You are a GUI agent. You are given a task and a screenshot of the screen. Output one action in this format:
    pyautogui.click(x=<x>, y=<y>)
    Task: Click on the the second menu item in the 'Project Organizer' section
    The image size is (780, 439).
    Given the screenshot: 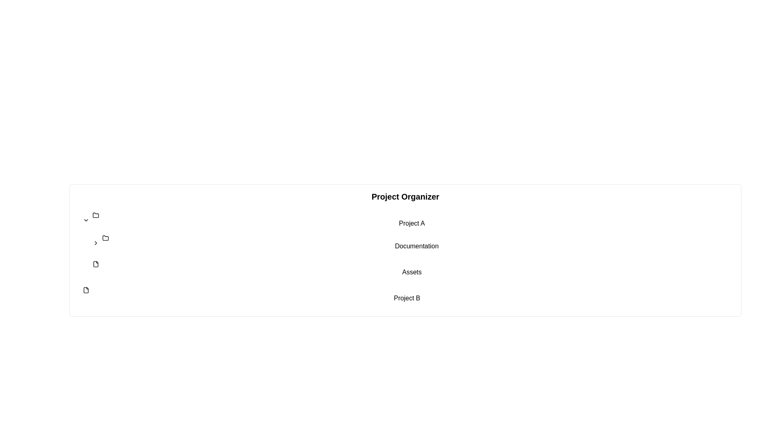 What is the action you would take?
    pyautogui.click(x=417, y=242)
    